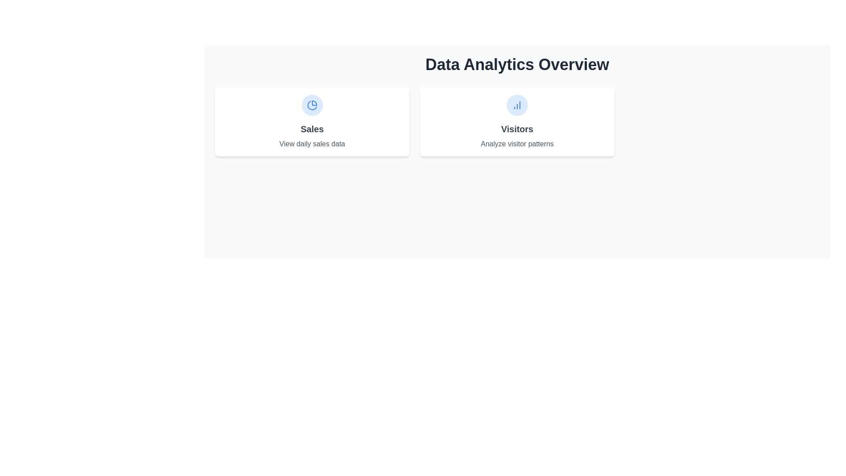 This screenshot has width=846, height=476. What do you see at coordinates (312, 105) in the screenshot?
I see `the Icon representing data analytics for sales, located in the upper part of the 'Sales' card, positioned directly above the text 'Sales' and 'View daily sales data'` at bounding box center [312, 105].